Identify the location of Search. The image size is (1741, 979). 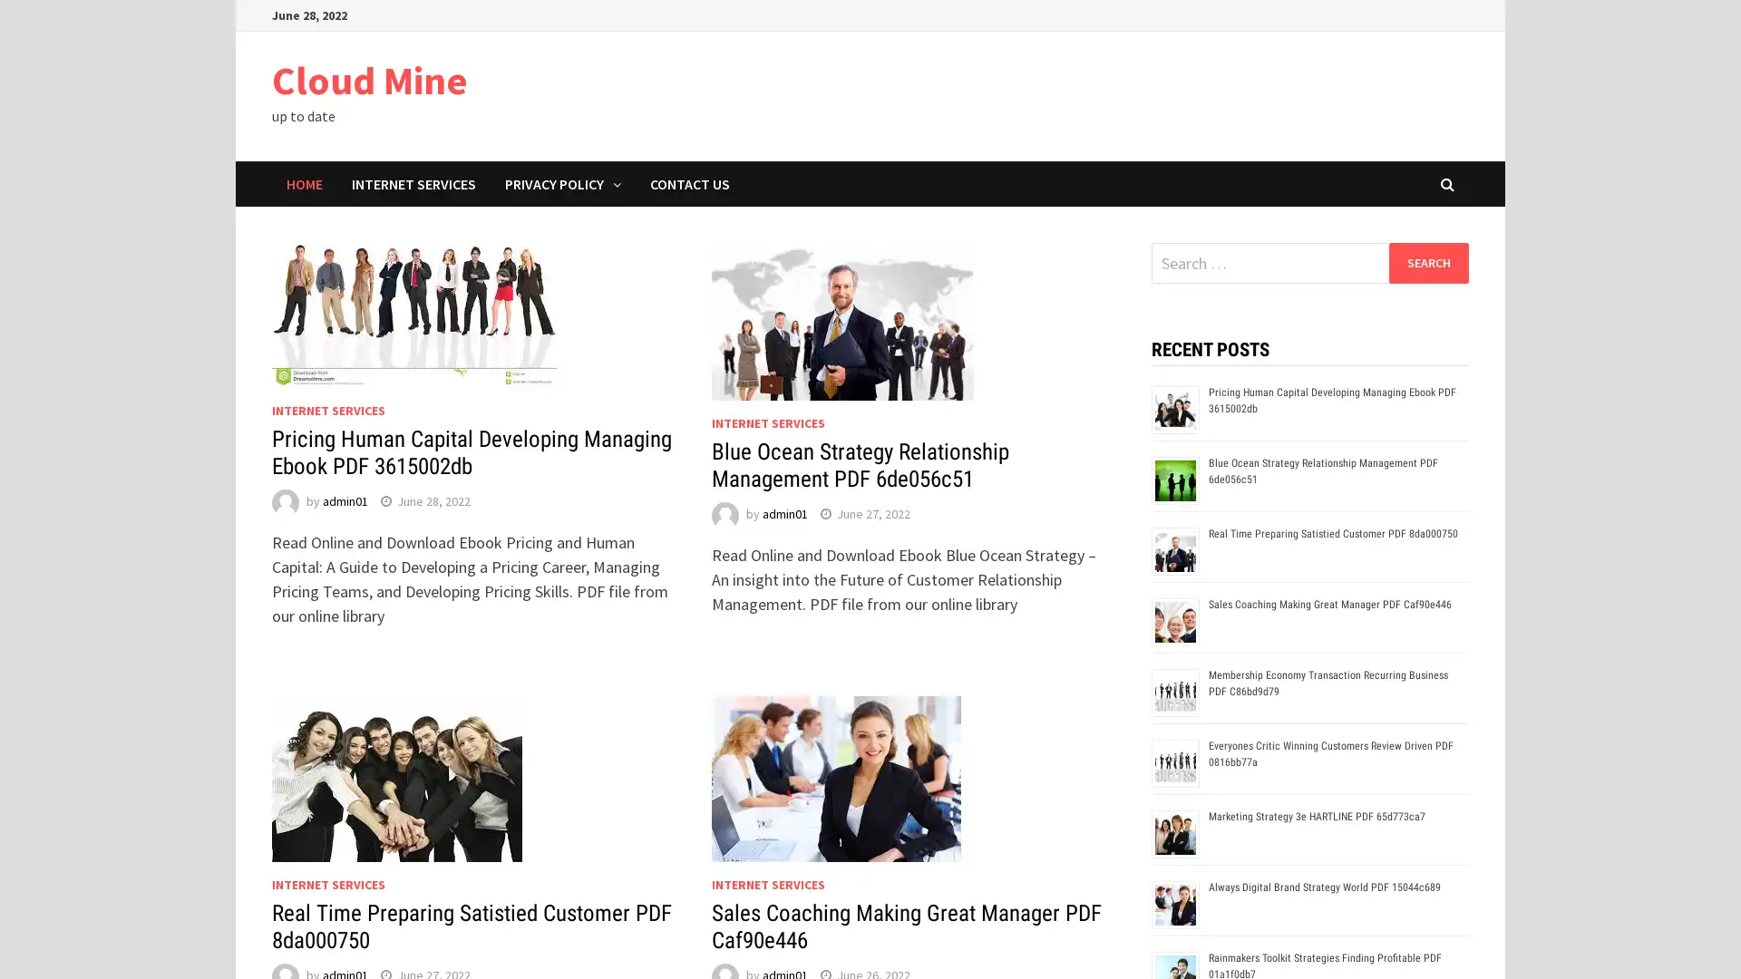
(1427, 262).